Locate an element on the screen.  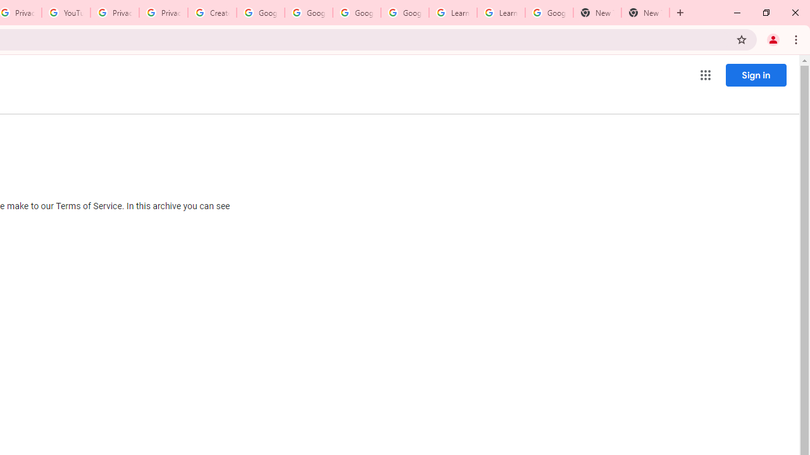
'YouTube' is located at coordinates (65, 13).